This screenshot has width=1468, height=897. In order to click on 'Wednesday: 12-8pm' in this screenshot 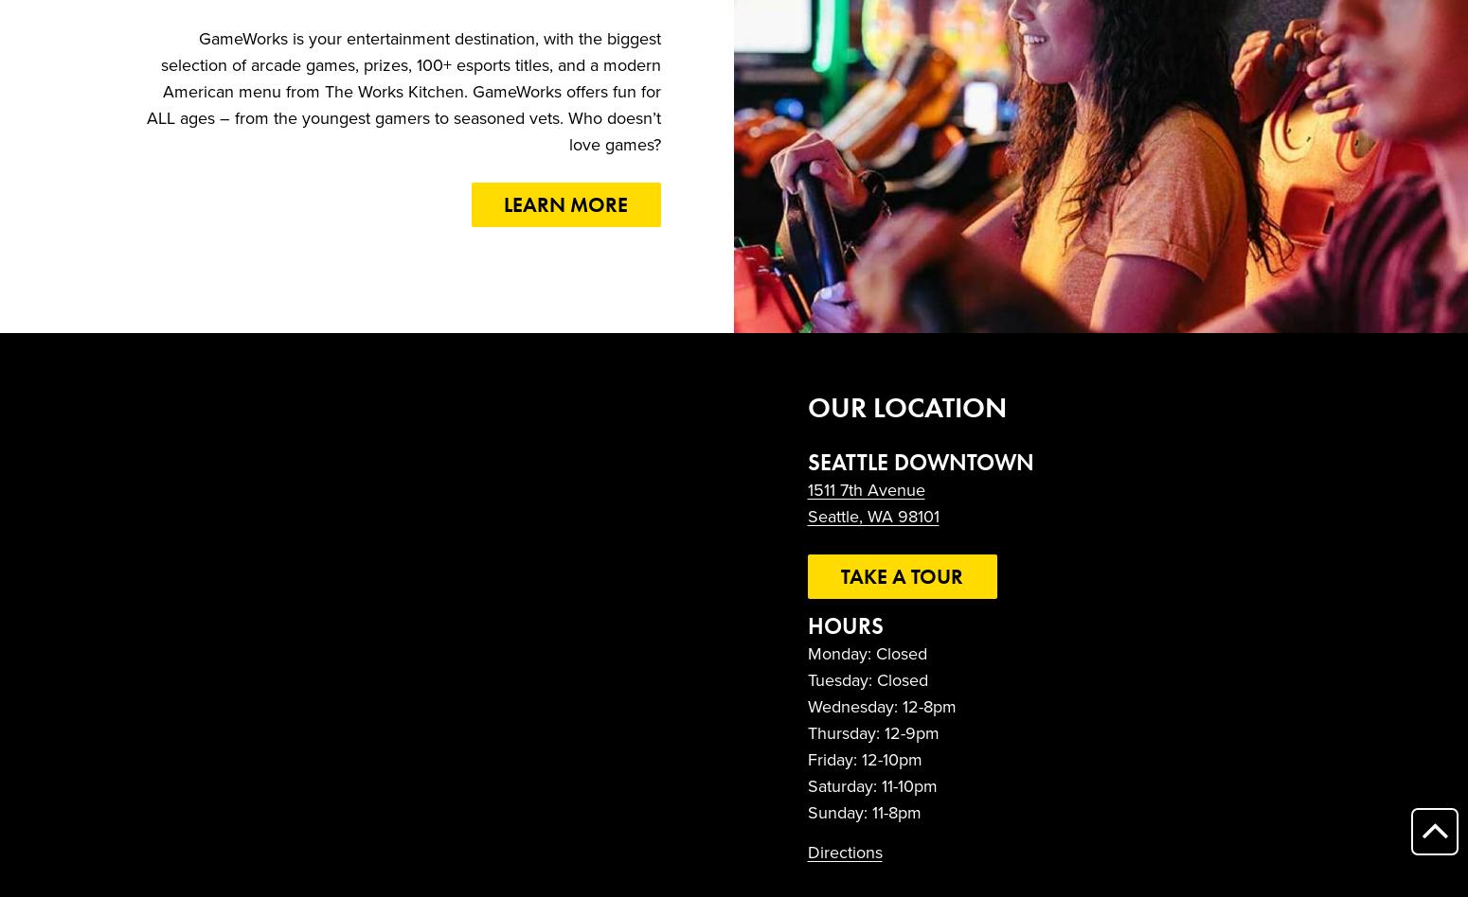, I will do `click(881, 707)`.